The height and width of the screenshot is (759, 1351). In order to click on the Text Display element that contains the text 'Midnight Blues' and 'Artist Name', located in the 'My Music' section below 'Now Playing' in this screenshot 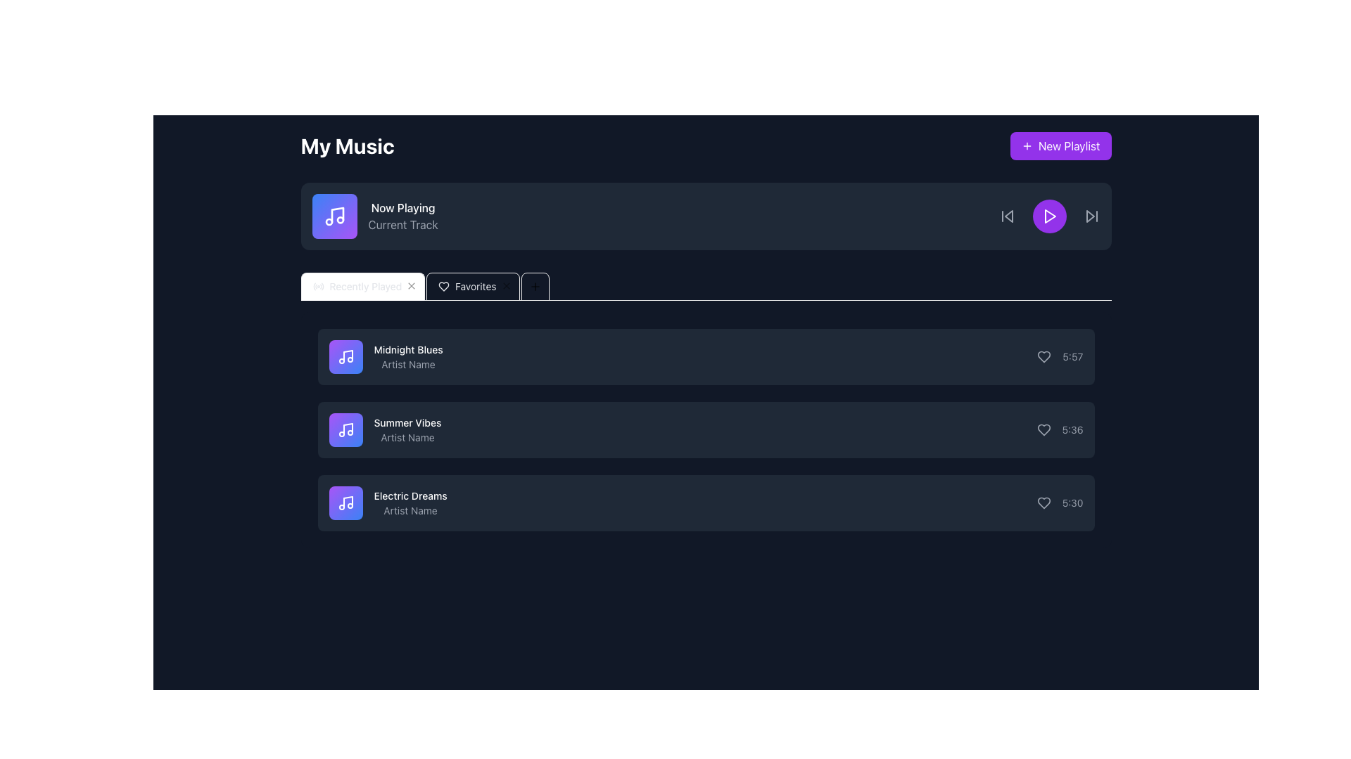, I will do `click(407, 356)`.